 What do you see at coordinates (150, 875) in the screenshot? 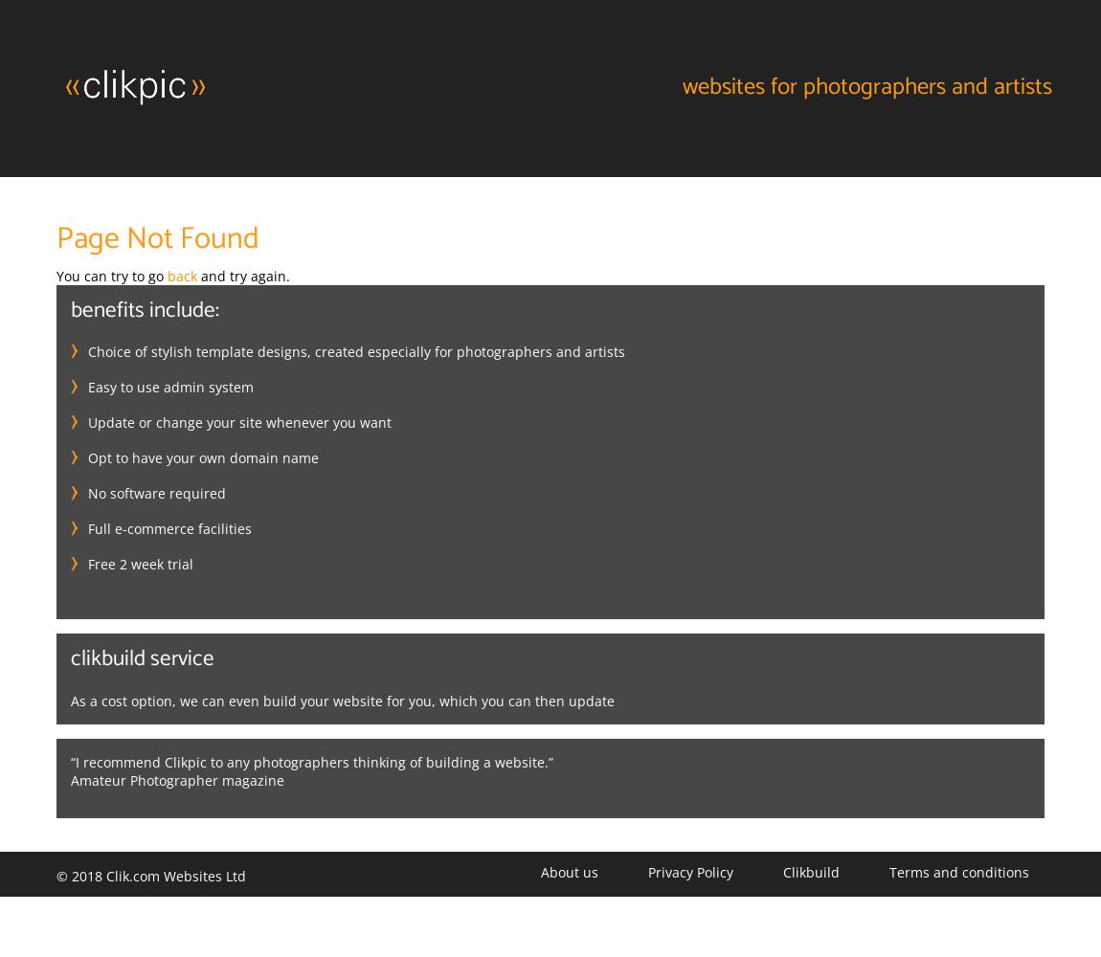
I see `'© 2018 Clik.com Websites Ltd'` at bounding box center [150, 875].